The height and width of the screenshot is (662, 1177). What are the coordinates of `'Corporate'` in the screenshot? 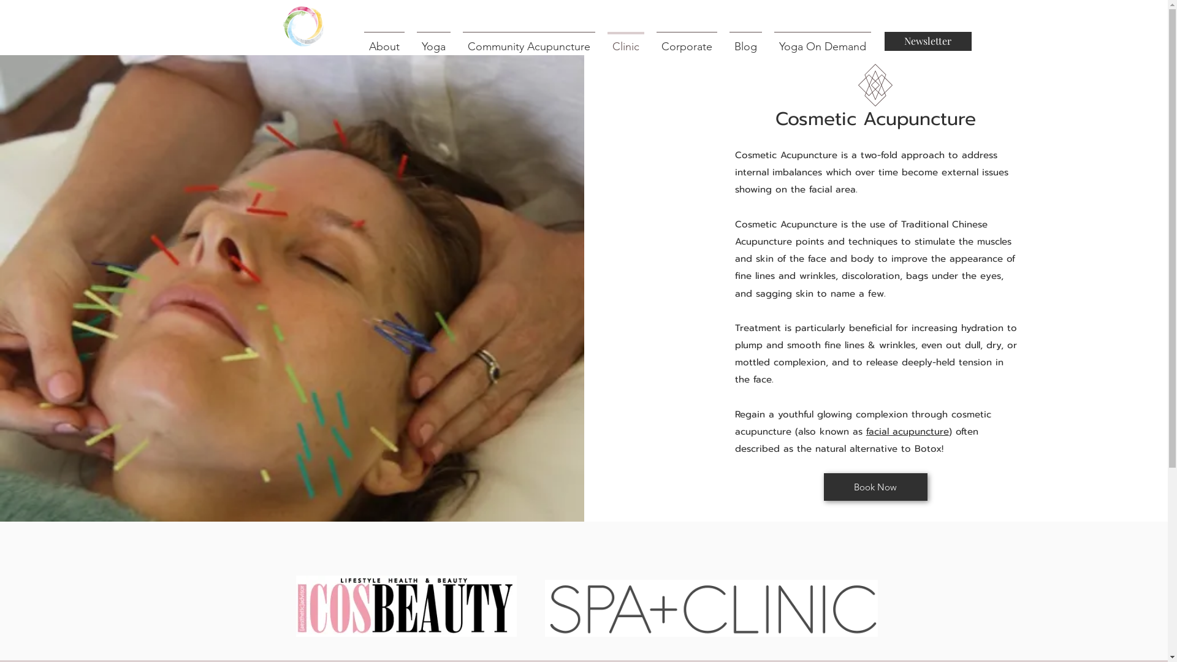 It's located at (649, 40).